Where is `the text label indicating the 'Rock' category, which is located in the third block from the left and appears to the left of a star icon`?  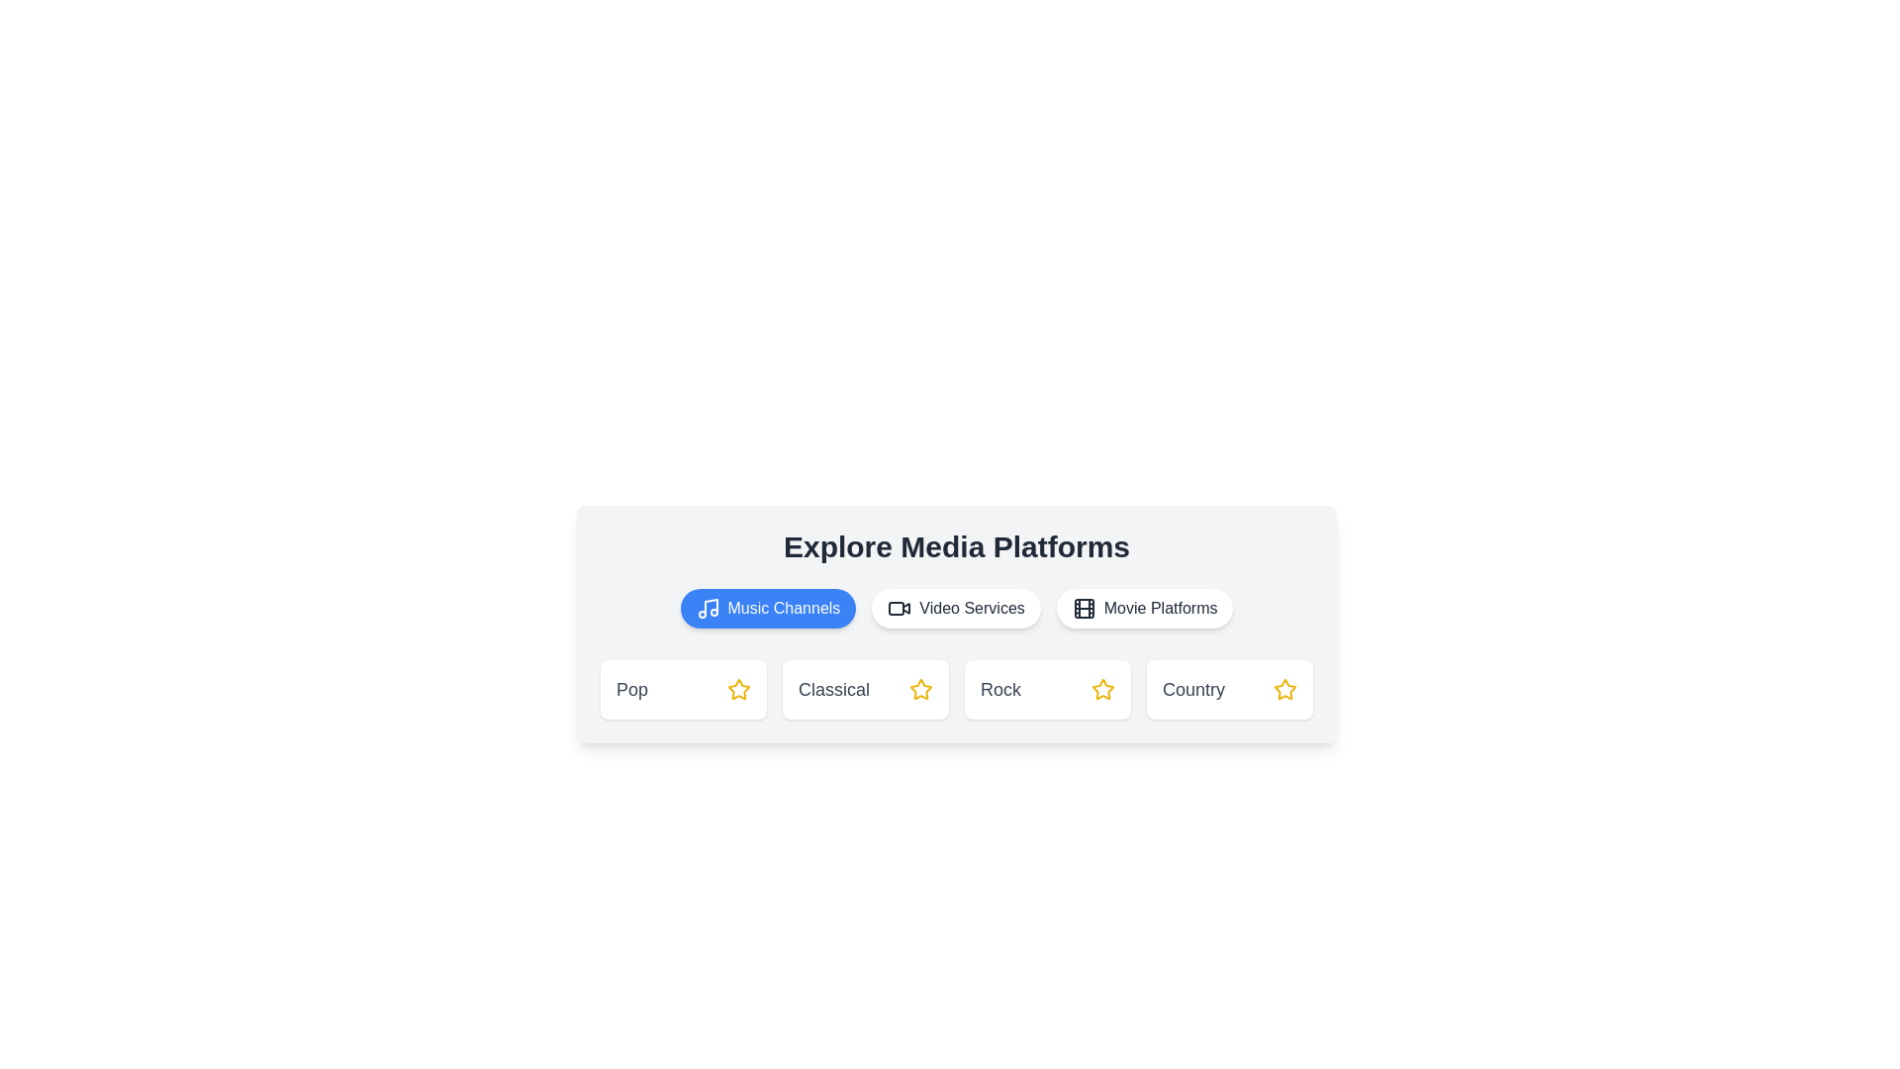
the text label indicating the 'Rock' category, which is located in the third block from the left and appears to the left of a star icon is located at coordinates (1000, 689).